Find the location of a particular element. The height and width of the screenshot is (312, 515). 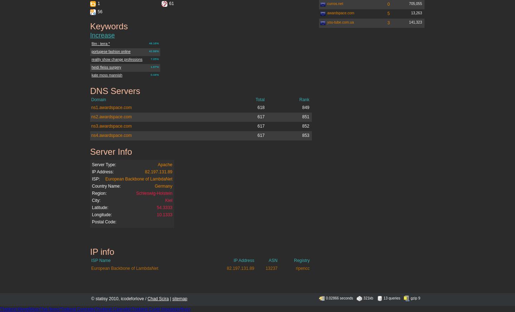

'0.44%' is located at coordinates (154, 74).